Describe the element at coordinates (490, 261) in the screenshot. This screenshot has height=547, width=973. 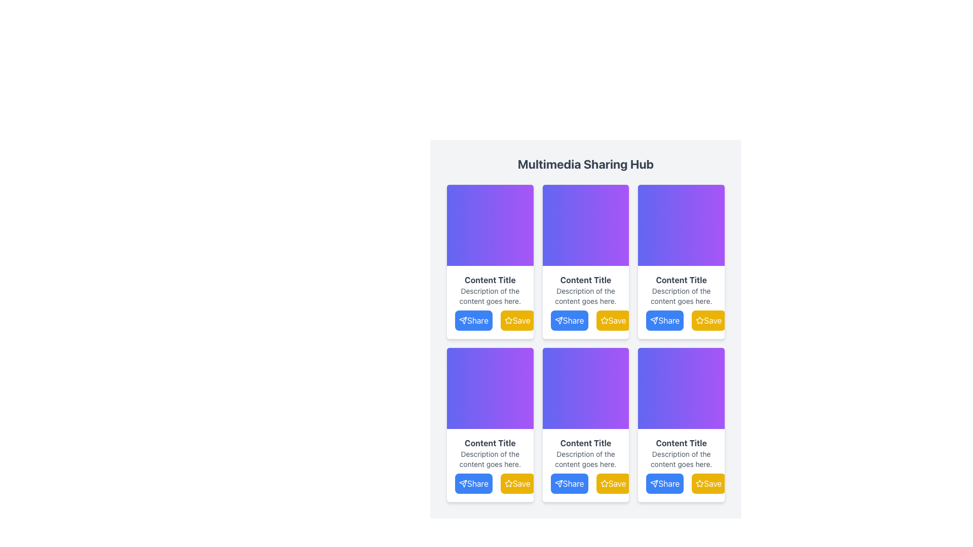
I see `the first card in the grid layout featuring a purple gradient header, black bold text 'Content Title', and buttons labeled 'Share' and 'Save'` at that location.